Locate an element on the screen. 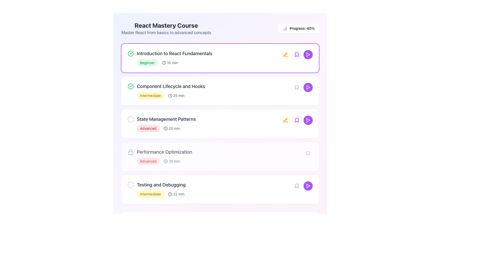  the rounded button with a light yellow background and a yellow pen icon, located on the right side of the 'State Management Patterns' list item is located at coordinates (285, 120).